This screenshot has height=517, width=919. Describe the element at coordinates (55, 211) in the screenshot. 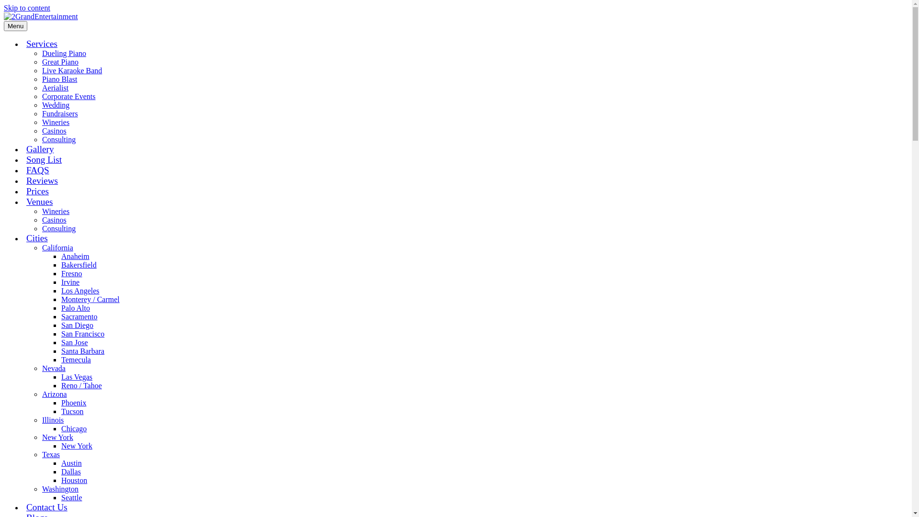

I see `'Wineries'` at that location.